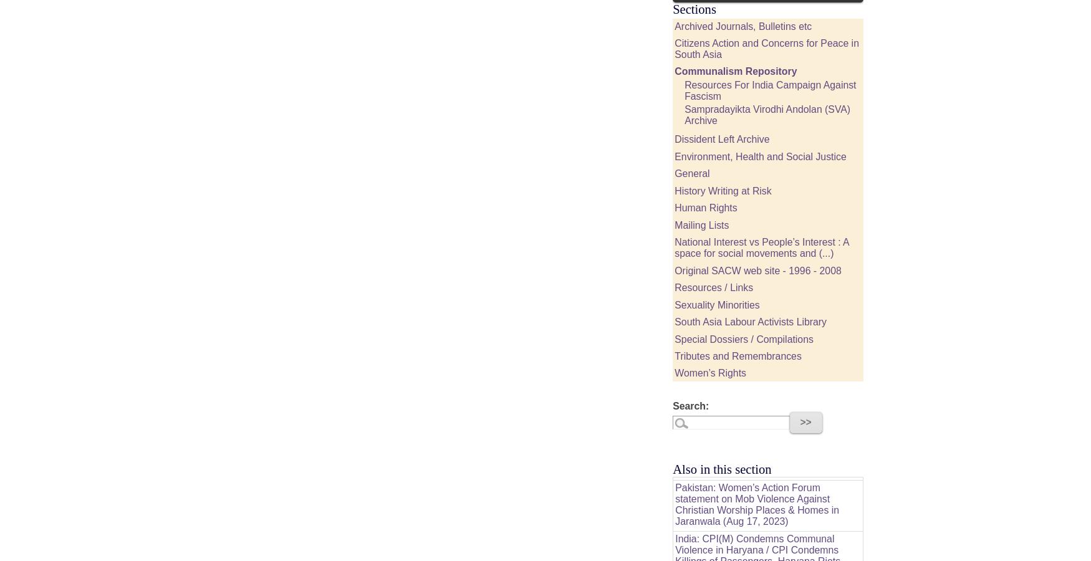 The width and height of the screenshot is (1091, 561). What do you see at coordinates (743, 25) in the screenshot?
I see `'Archived Journals, Bulletins etc'` at bounding box center [743, 25].